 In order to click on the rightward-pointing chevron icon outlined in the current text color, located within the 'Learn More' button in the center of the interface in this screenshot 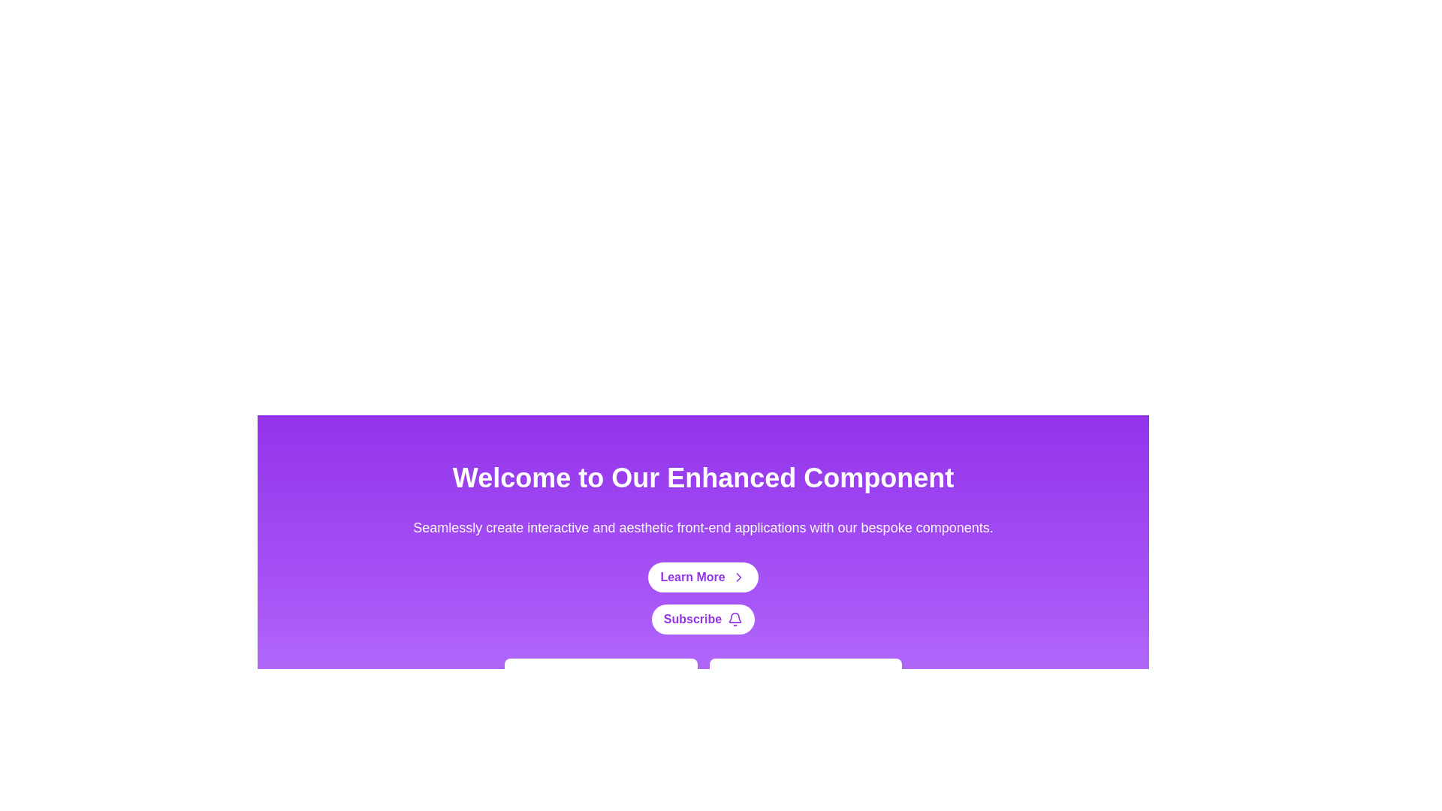, I will do `click(738, 576)`.